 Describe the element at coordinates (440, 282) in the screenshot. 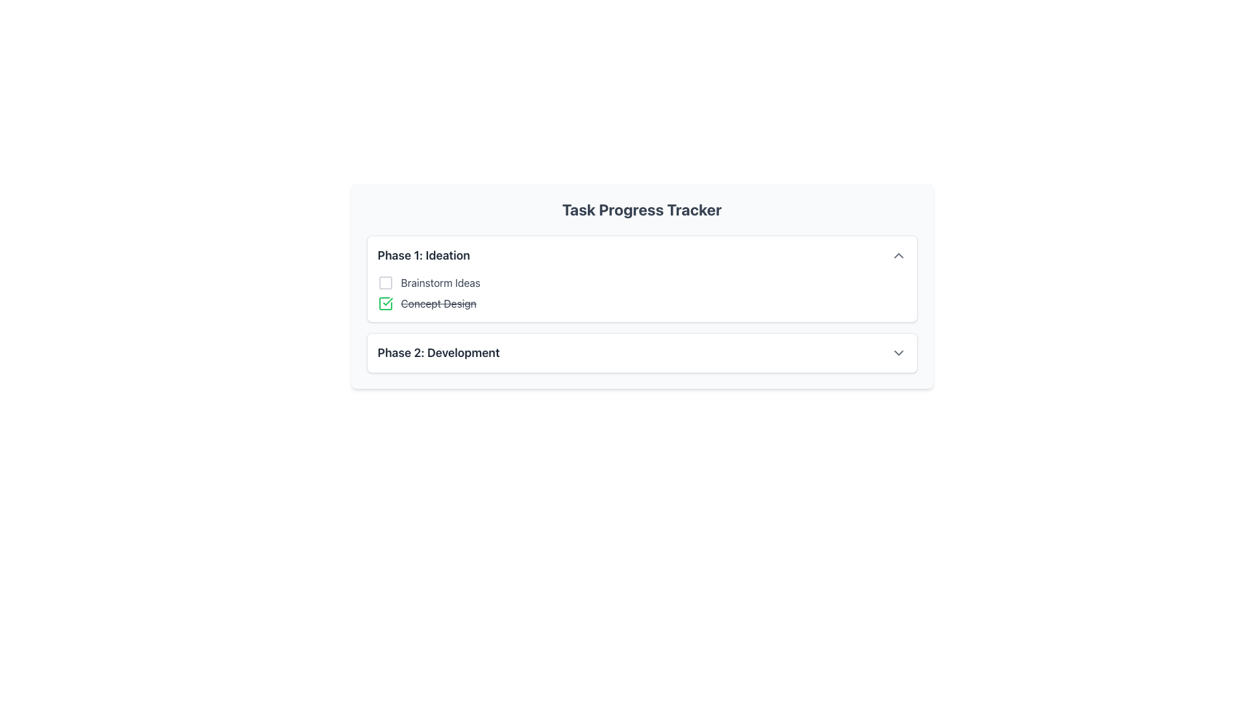

I see `the text label displaying 'Brainstorm Ideas' in the 'Phase 1: Ideation' section for interaction` at that location.